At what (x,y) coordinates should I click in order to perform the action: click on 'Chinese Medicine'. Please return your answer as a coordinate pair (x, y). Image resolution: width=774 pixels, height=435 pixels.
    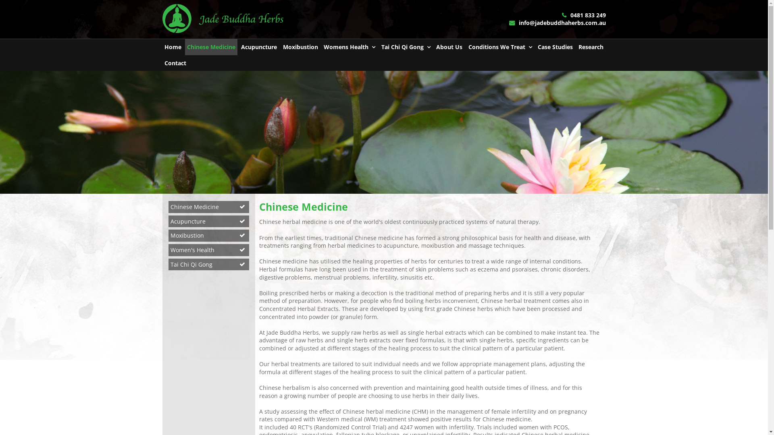
    Looking at the image, I should click on (211, 47).